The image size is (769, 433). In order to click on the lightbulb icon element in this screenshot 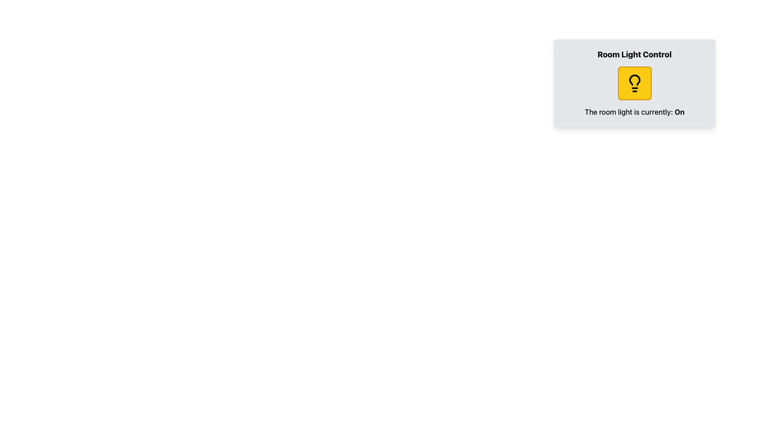, I will do `click(634, 83)`.